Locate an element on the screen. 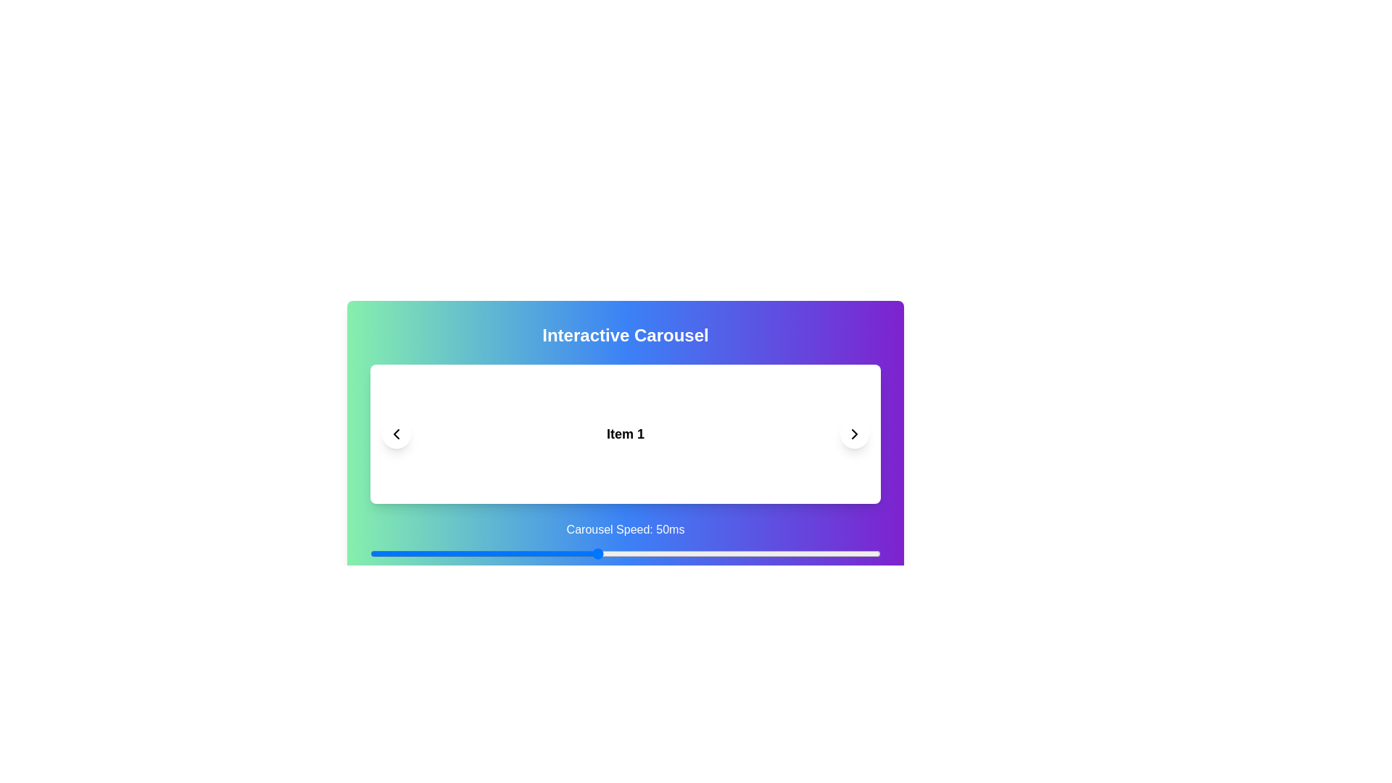 The image size is (1392, 783). the carousel speed slider to 48 ms is located at coordinates (586, 553).